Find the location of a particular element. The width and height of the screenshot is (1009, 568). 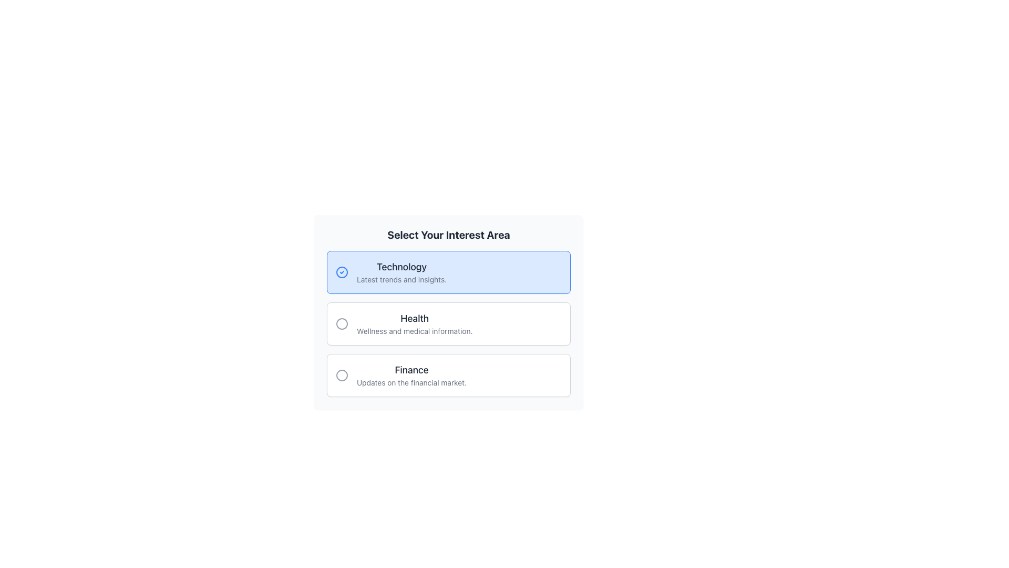

the radio button located to the left of the text 'Finance', which is a circular icon with a gray border and no internal filling is located at coordinates (346, 374).